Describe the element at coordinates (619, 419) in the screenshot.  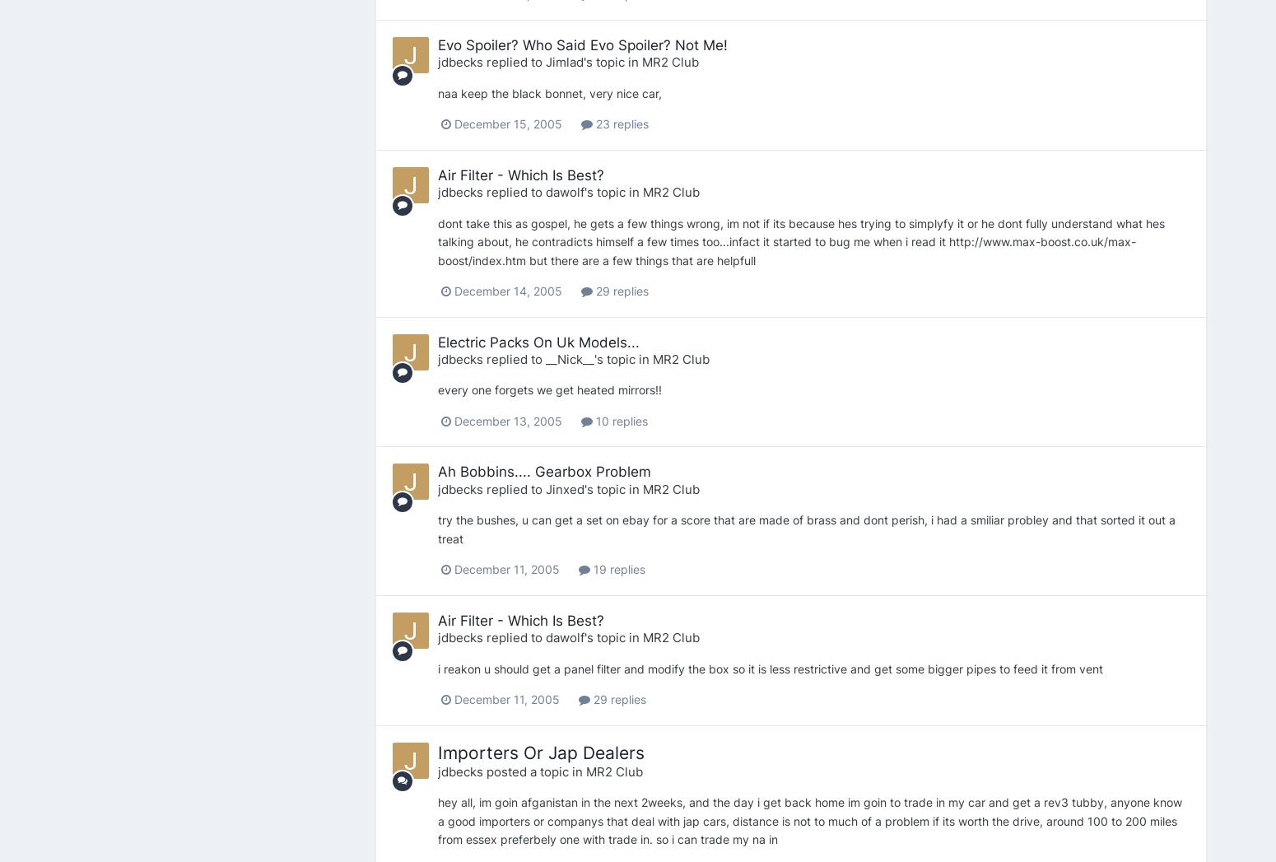
I see `'10 replies'` at that location.